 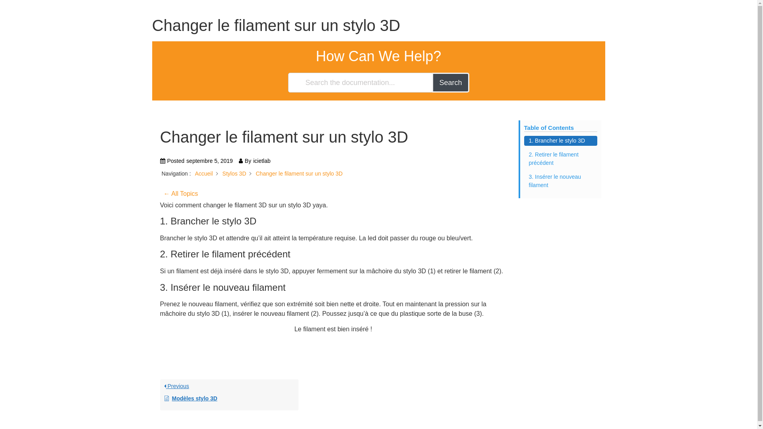 I want to click on 'Accueil', so click(x=203, y=173).